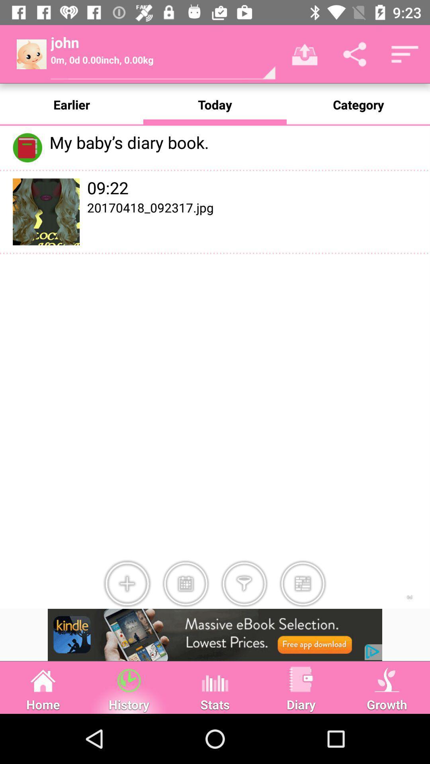 The height and width of the screenshot is (764, 430). I want to click on open advertisement, so click(215, 634).